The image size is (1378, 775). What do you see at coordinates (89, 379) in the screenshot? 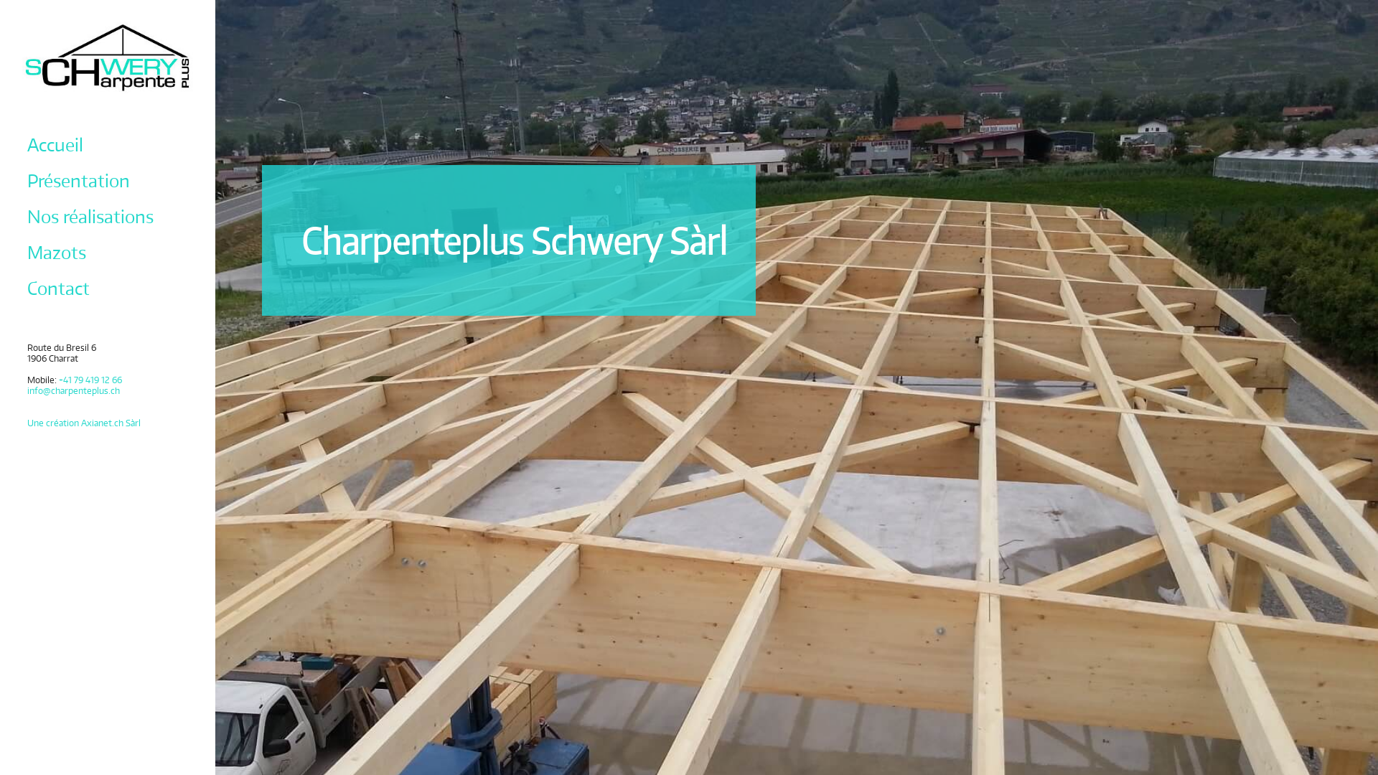
I see `'+41 79 419 12 66'` at bounding box center [89, 379].